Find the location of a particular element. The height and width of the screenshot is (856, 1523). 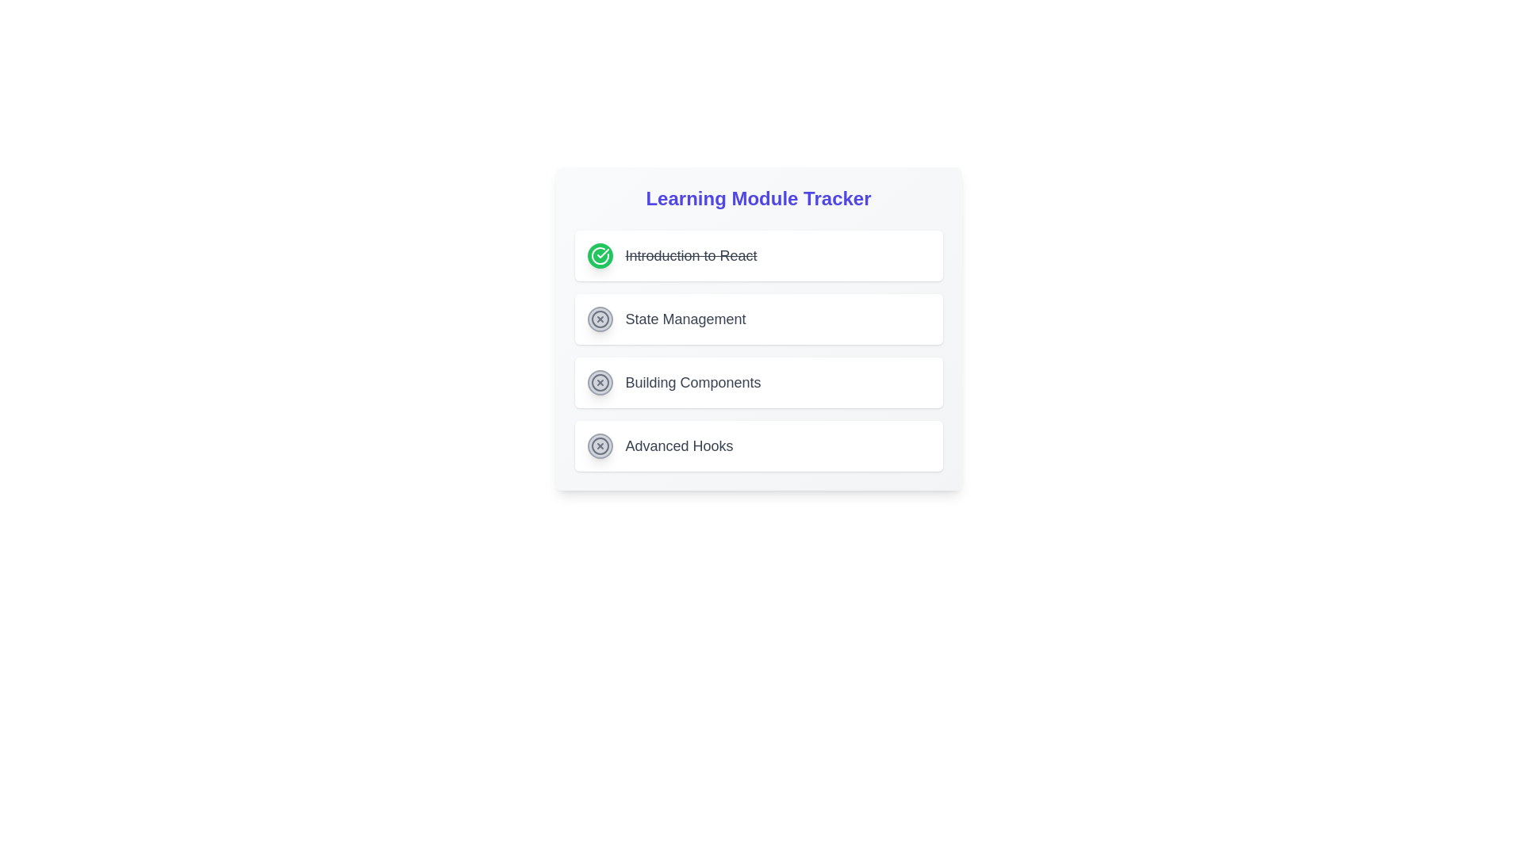

the status indication of the green checkmark icon located to the left of the 'Introduction to React' text in the 'Learning Module Tracker' section is located at coordinates (599, 255).